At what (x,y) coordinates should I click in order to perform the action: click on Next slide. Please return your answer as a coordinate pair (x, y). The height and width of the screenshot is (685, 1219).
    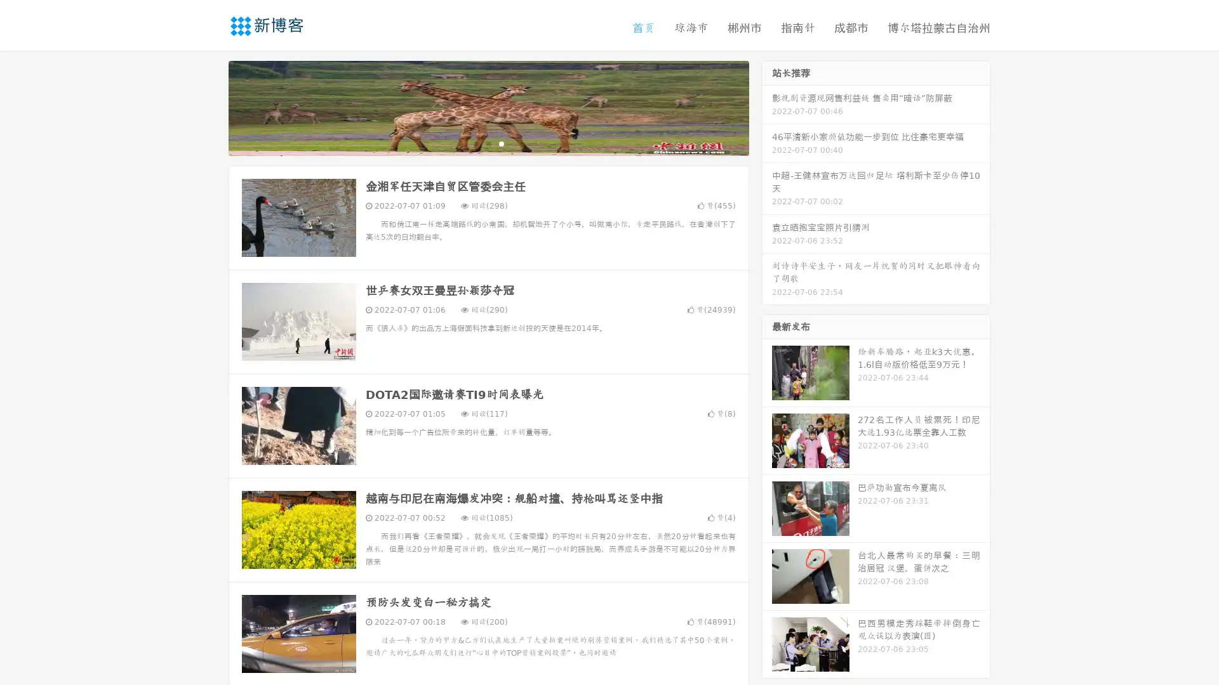
    Looking at the image, I should click on (767, 107).